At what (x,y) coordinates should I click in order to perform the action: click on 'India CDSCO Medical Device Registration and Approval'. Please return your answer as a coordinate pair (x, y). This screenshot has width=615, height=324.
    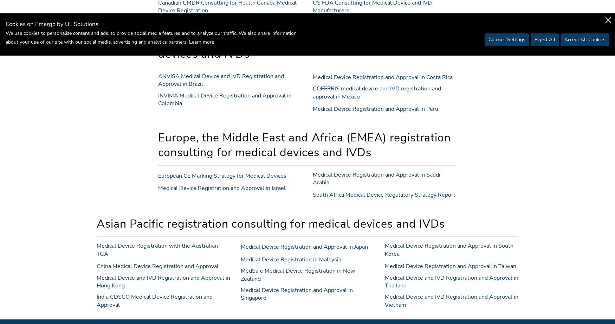
    Looking at the image, I should click on (154, 300).